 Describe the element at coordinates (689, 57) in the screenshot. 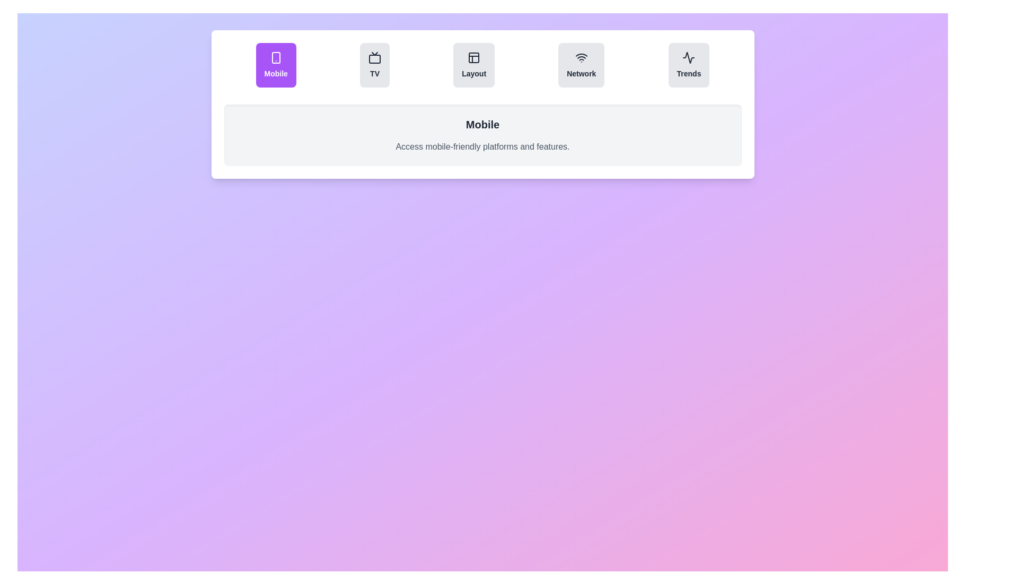

I see `the icon representing trends located at the upper section of the card labeled 'Trends', positioned at the far-right of the row of cards in the menu` at that location.